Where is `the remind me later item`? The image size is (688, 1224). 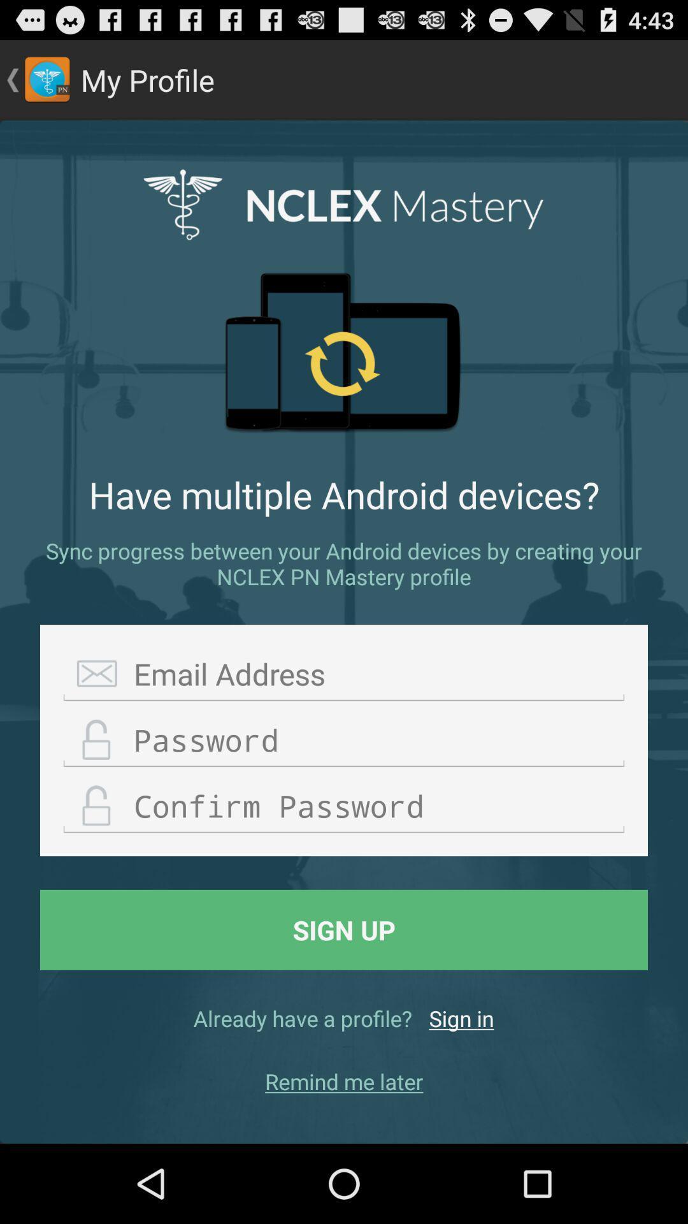
the remind me later item is located at coordinates (344, 1081).